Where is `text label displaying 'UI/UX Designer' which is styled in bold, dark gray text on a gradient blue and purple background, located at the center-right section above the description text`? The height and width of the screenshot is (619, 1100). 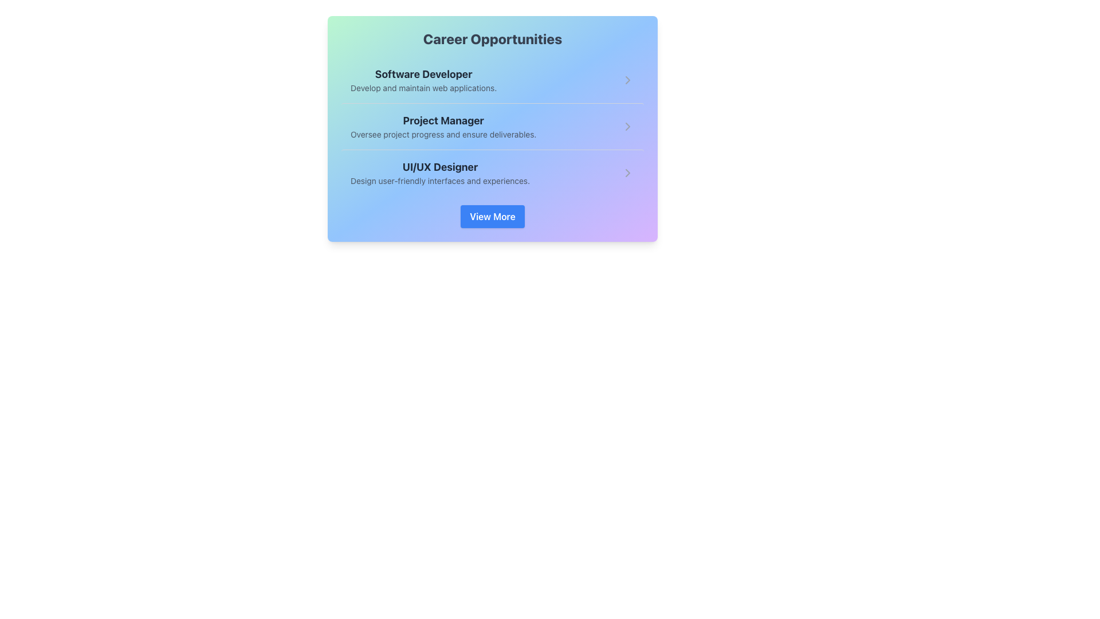
text label displaying 'UI/UX Designer' which is styled in bold, dark gray text on a gradient blue and purple background, located at the center-right section above the description text is located at coordinates (439, 167).